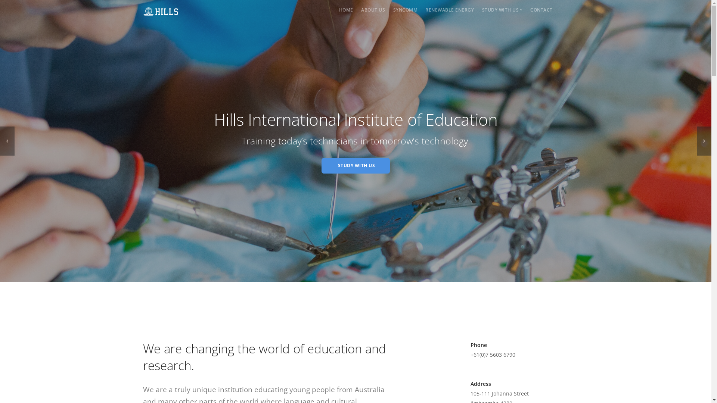 The width and height of the screenshot is (717, 403). Describe the element at coordinates (345, 10) in the screenshot. I see `'HOME'` at that location.